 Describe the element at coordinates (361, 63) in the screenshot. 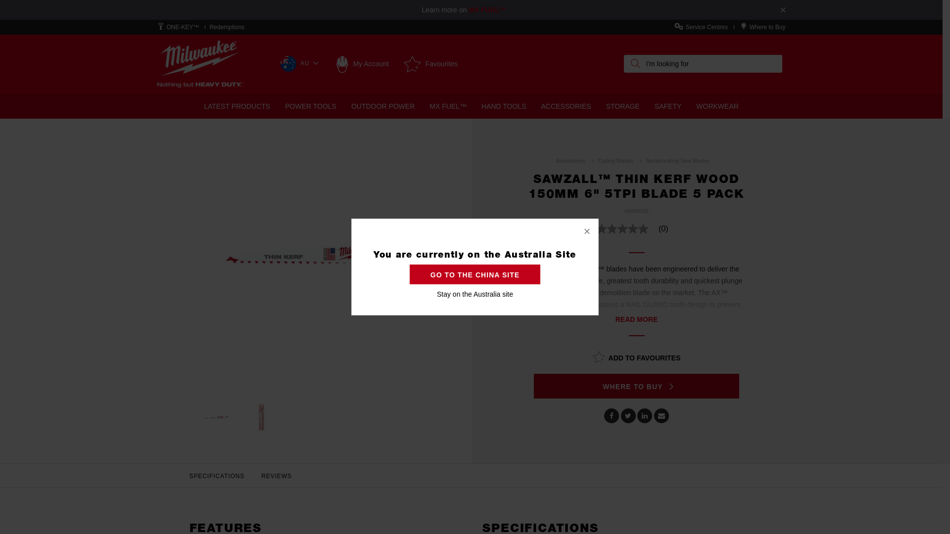

I see `'My Account'` at that location.